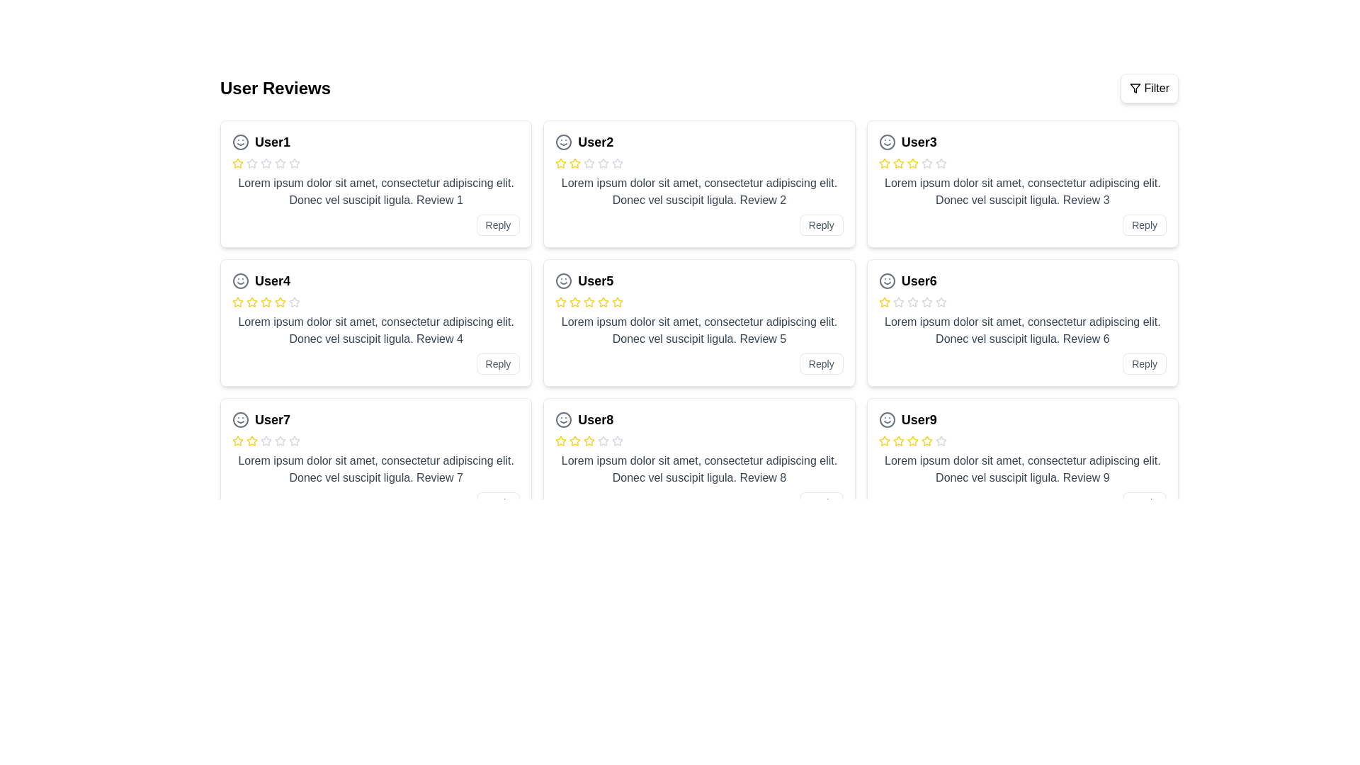 The height and width of the screenshot is (765, 1360). I want to click on the third golden-yellow star icon in the rating section of the card titled 'User5', so click(575, 302).